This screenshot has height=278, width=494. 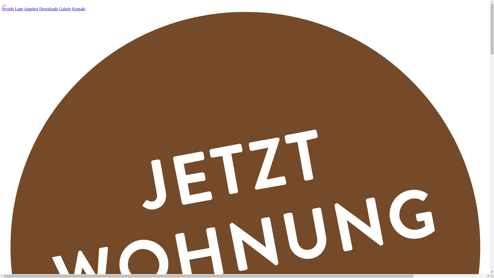 What do you see at coordinates (65, 9) in the screenshot?
I see `'Galerie'` at bounding box center [65, 9].